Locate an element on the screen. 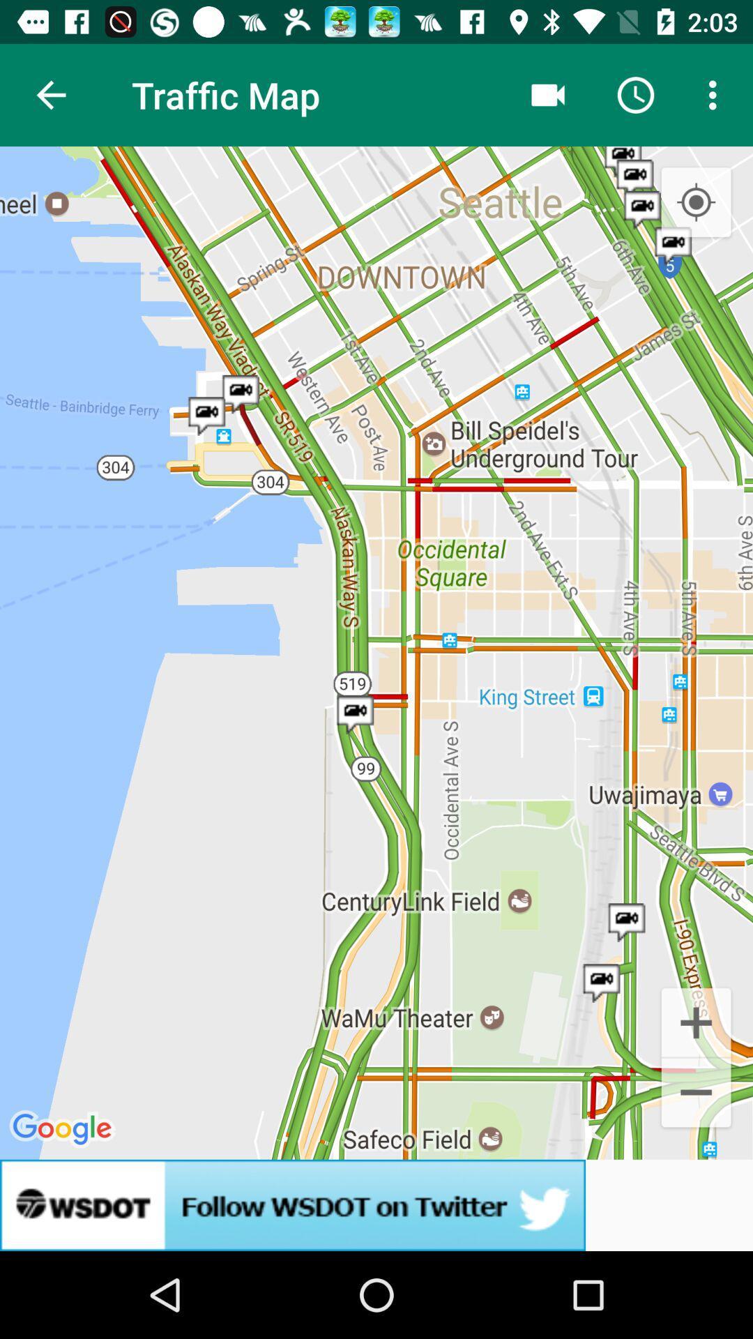  the location_crosshair icon is located at coordinates (696, 202).